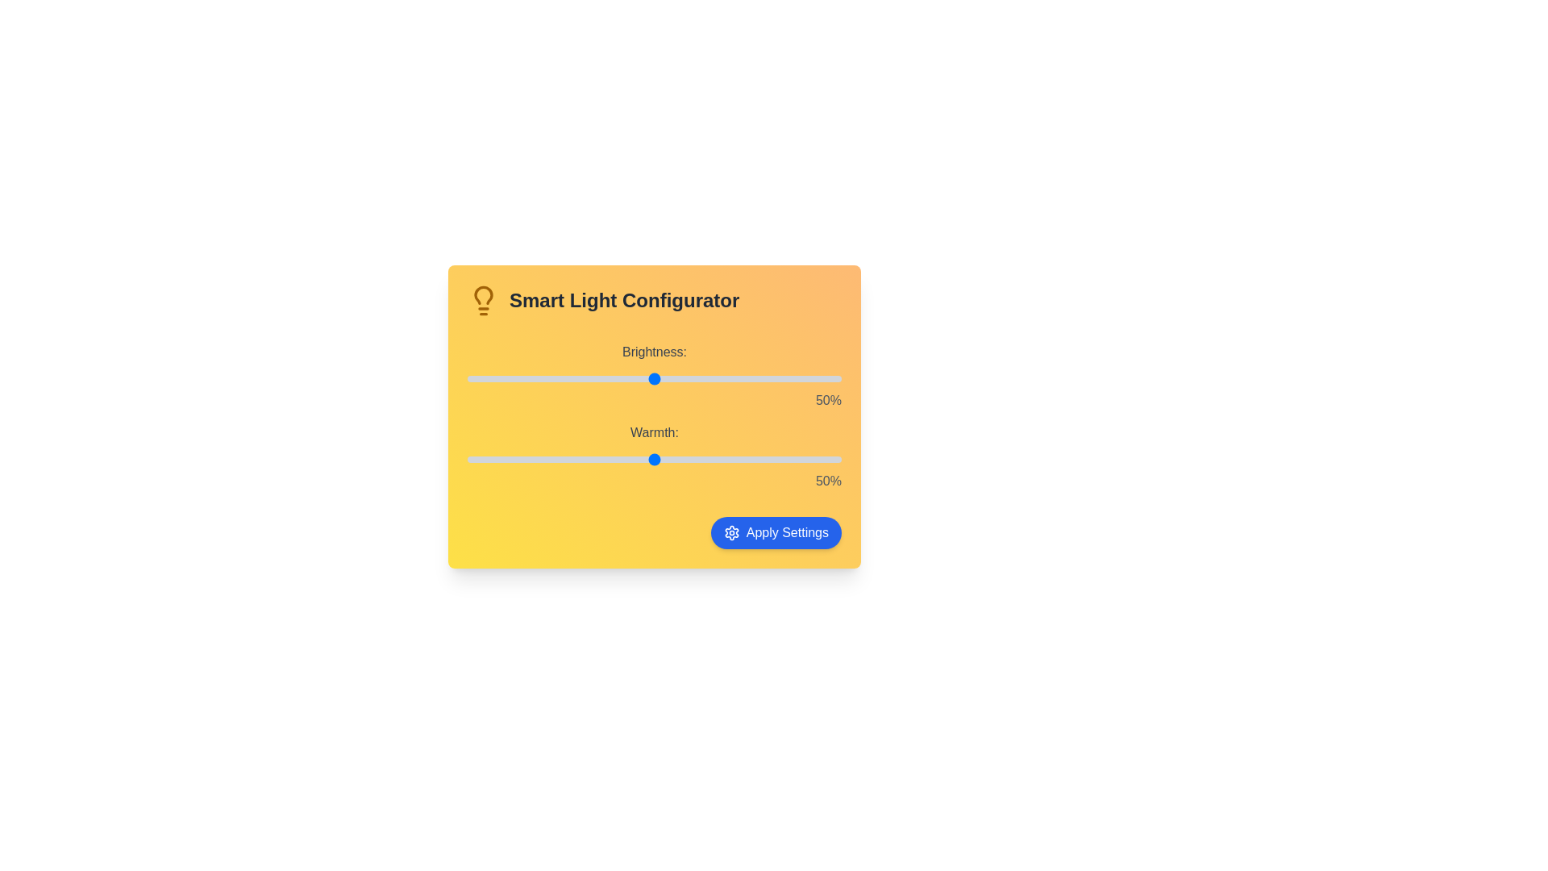 The image size is (1548, 871). Describe the element at coordinates (714, 379) in the screenshot. I see `the brightness` at that location.